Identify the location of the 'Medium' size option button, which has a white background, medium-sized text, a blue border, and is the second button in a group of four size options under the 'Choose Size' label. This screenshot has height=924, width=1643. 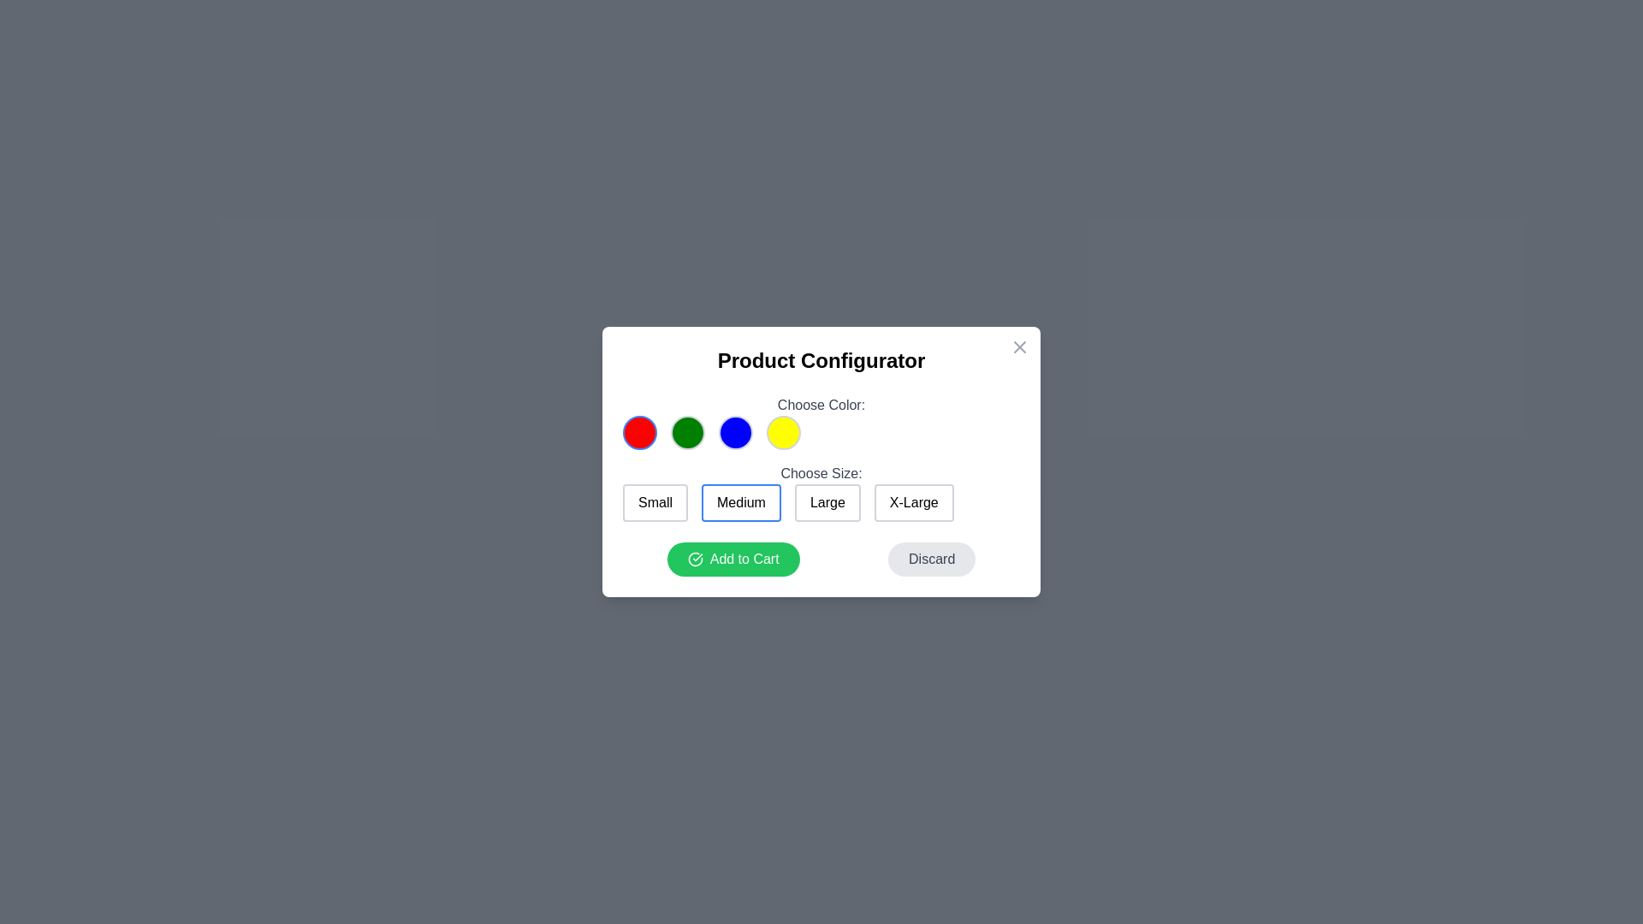
(741, 501).